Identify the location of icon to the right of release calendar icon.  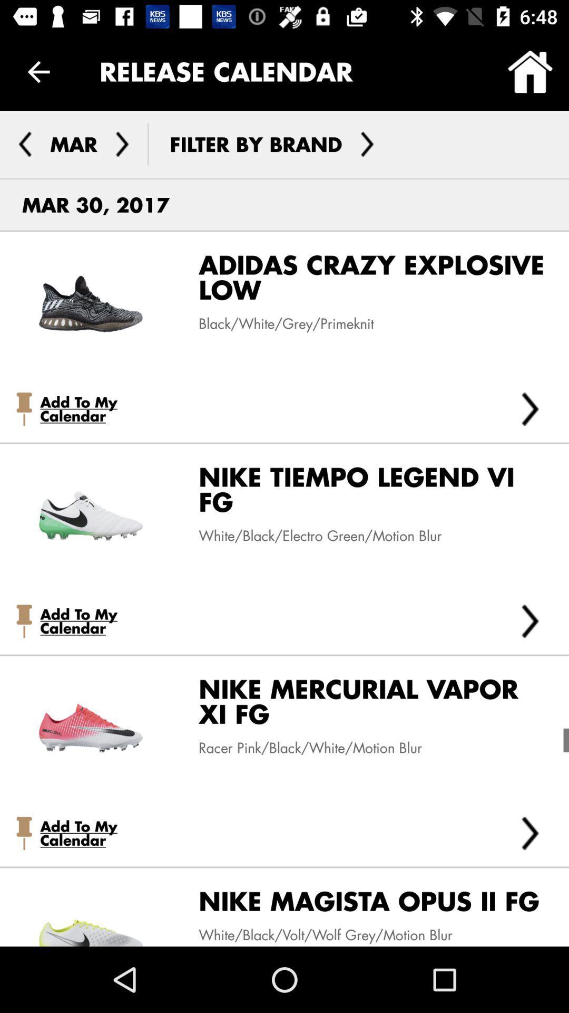
(530, 71).